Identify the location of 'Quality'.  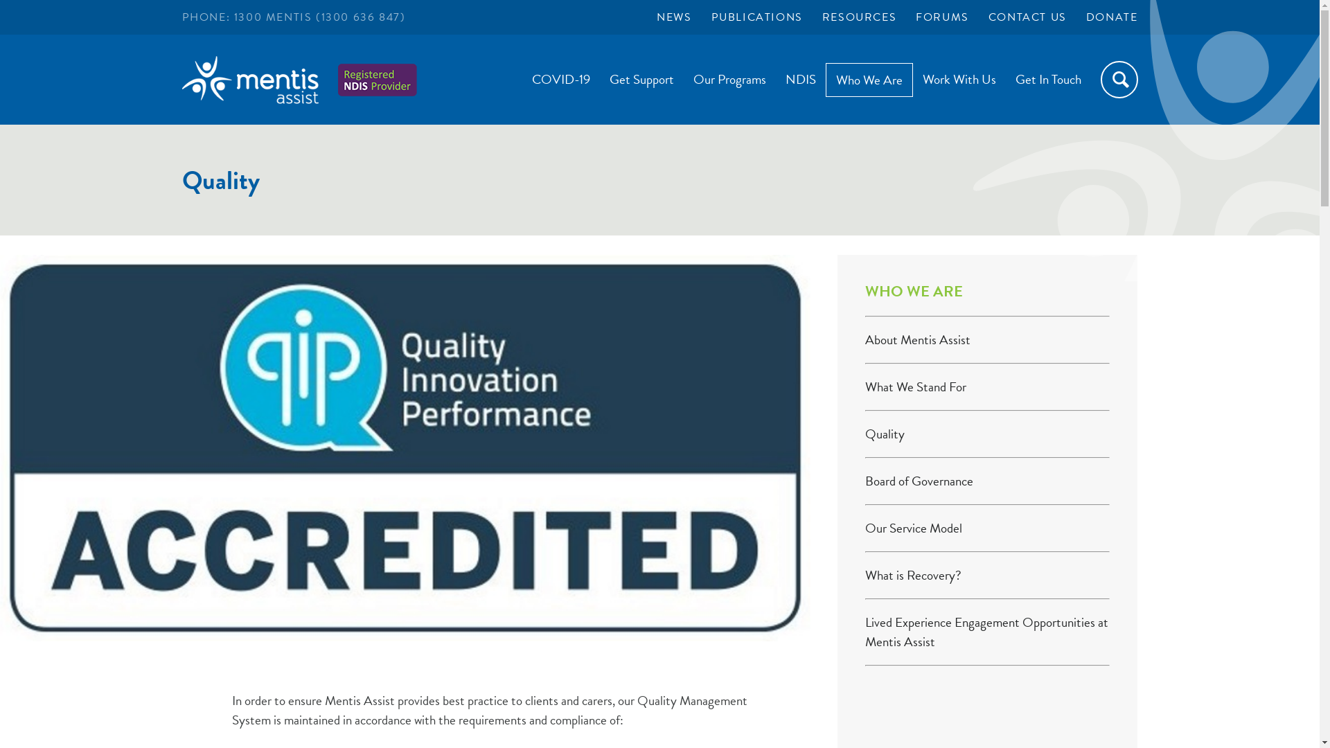
(884, 433).